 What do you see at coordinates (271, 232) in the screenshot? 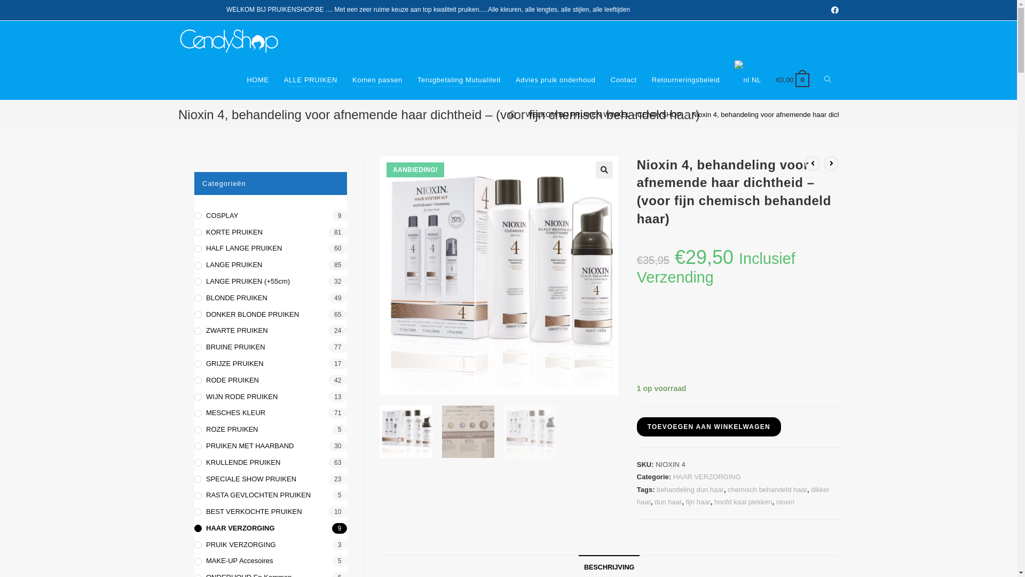
I see `'KORTE PRUIKEN'` at bounding box center [271, 232].